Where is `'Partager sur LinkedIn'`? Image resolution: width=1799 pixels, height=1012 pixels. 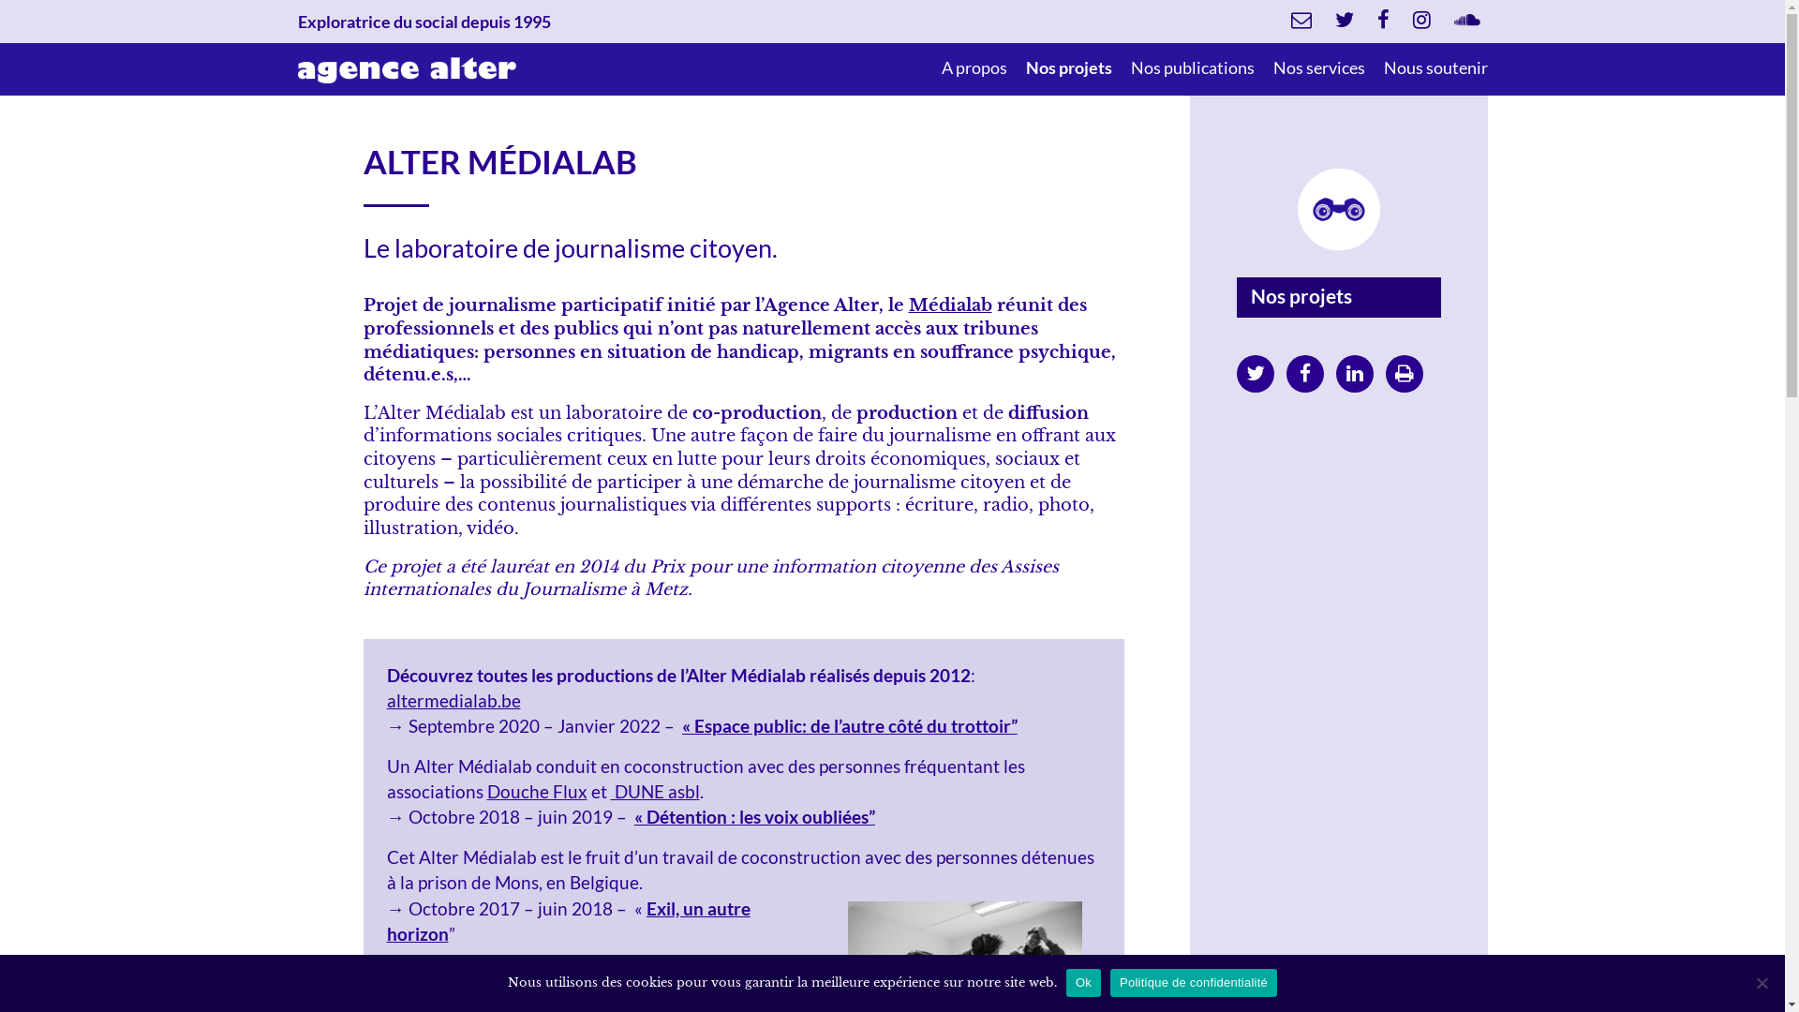
'Partager sur LinkedIn' is located at coordinates (1354, 372).